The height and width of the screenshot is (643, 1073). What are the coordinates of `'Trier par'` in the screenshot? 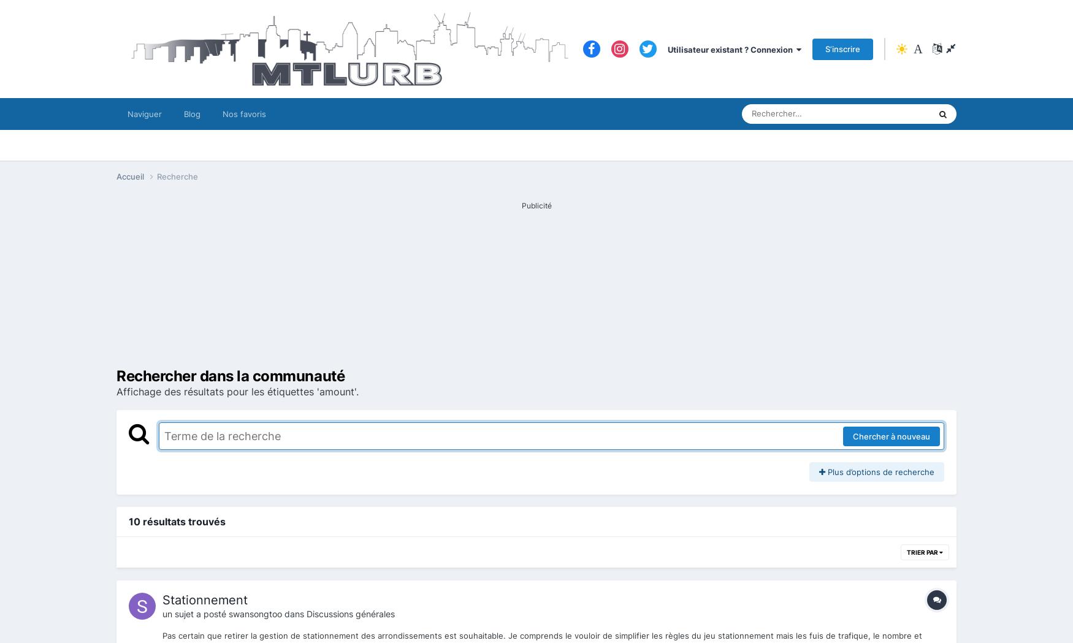 It's located at (922, 551).